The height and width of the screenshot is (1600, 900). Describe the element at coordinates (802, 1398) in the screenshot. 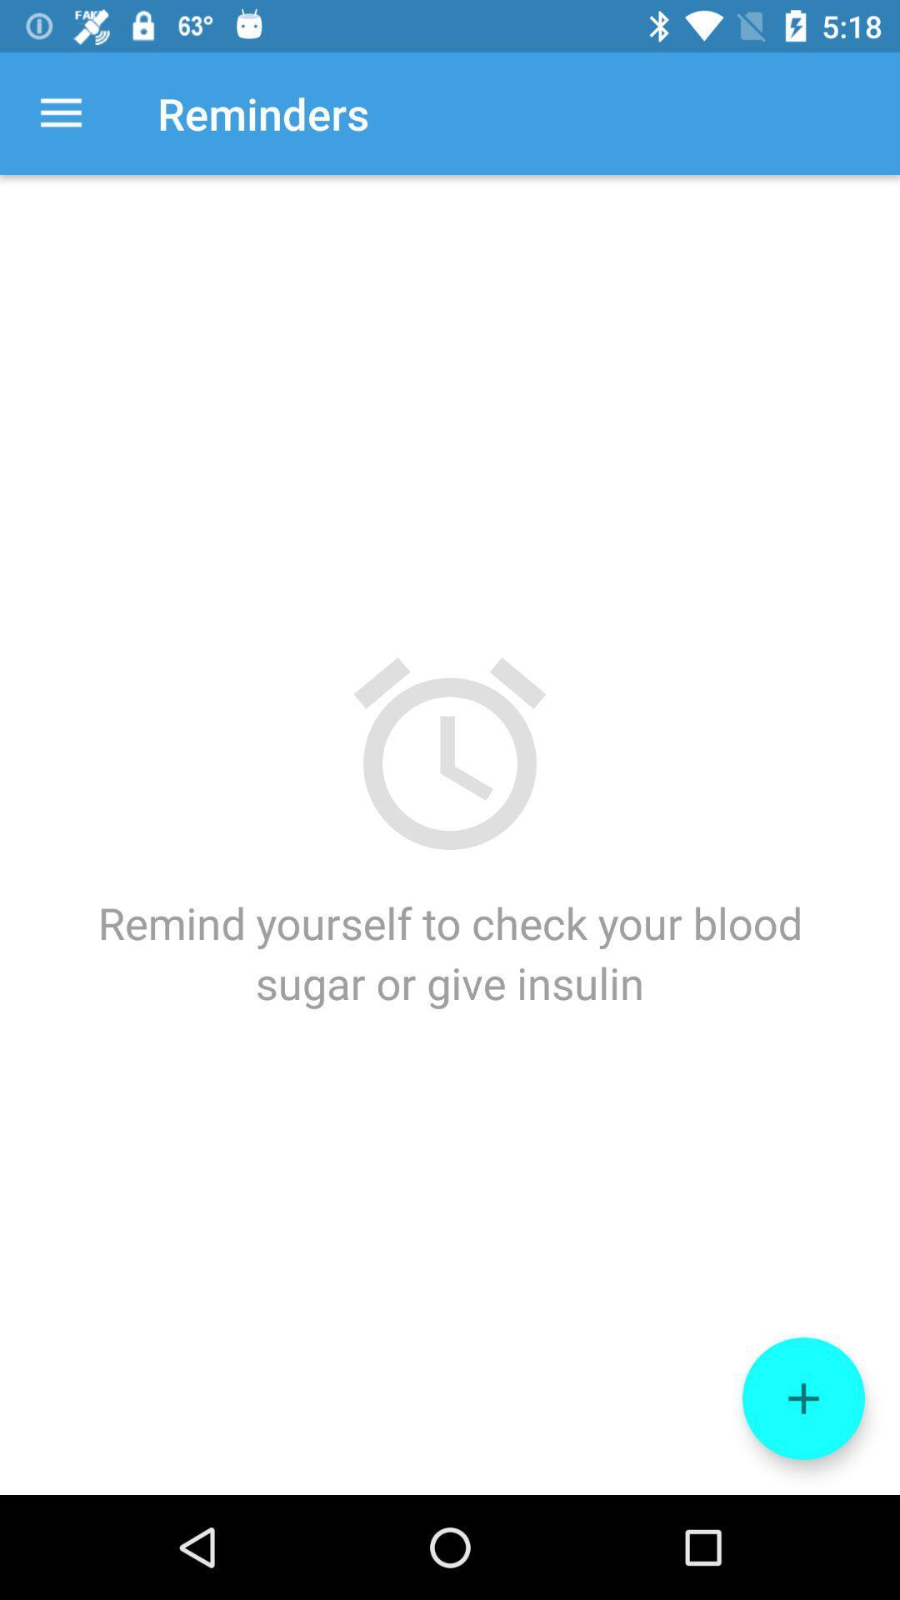

I see `an alarm` at that location.